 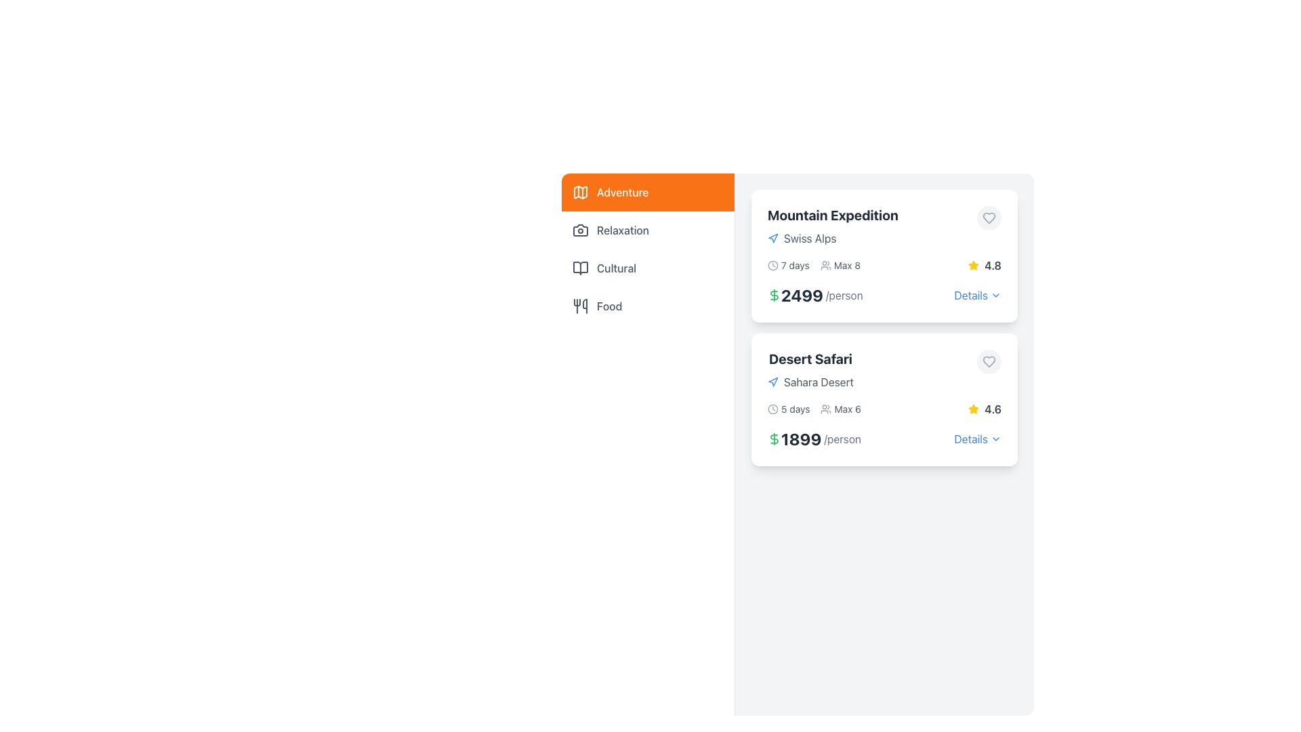 What do you see at coordinates (789, 409) in the screenshot?
I see `the Text with Icon that specifies the duration of the travel package, indicating it lasts for five days, for accessibility purposes` at bounding box center [789, 409].